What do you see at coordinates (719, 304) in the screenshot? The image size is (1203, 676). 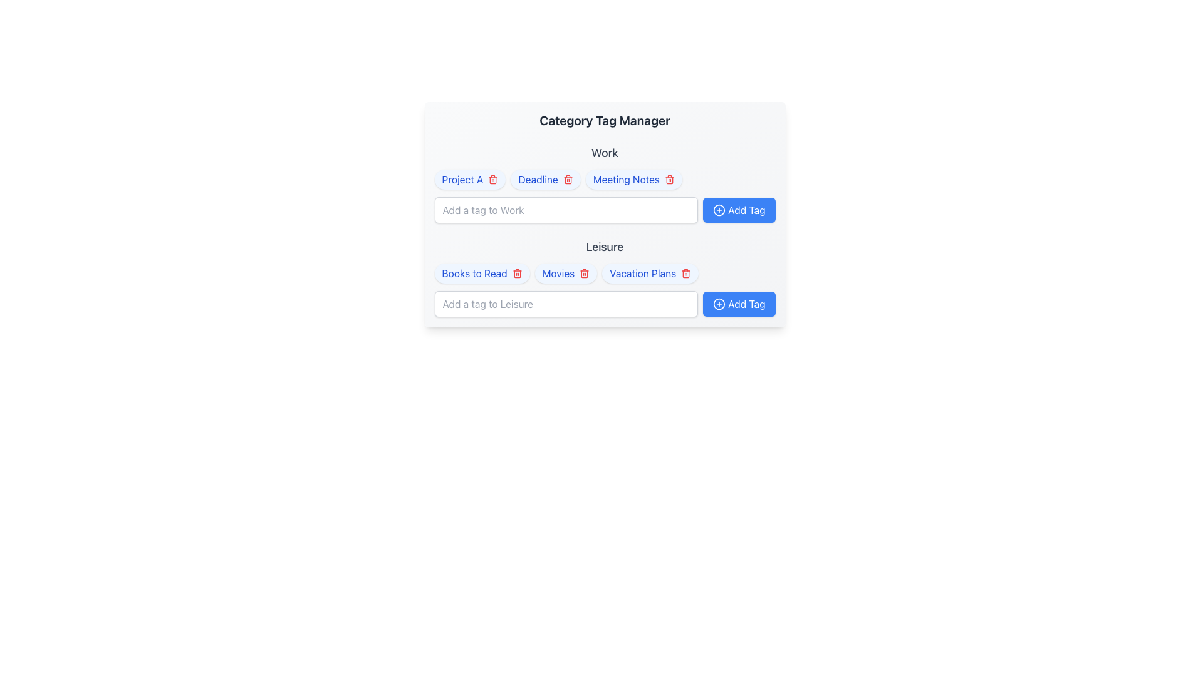 I see `the circular icon with a plus sign at its center, which is the leftmost visual element in the 'Add Tag' button under the 'Leisure' section of the 'Category Tag Manager' interface` at bounding box center [719, 304].